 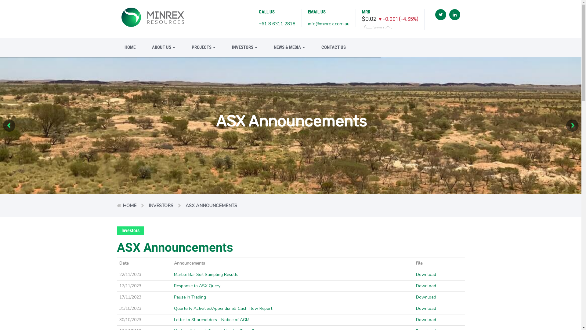 What do you see at coordinates (416, 319) in the screenshot?
I see `'Download'` at bounding box center [416, 319].